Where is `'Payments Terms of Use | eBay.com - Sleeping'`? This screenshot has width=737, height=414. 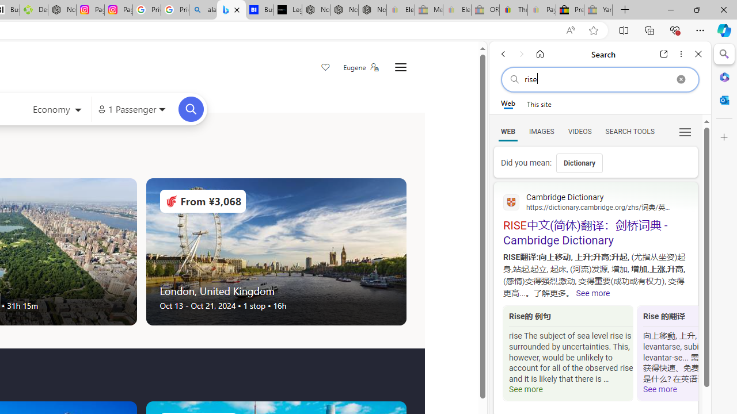 'Payments Terms of Use | eBay.com - Sleeping' is located at coordinates (541, 10).